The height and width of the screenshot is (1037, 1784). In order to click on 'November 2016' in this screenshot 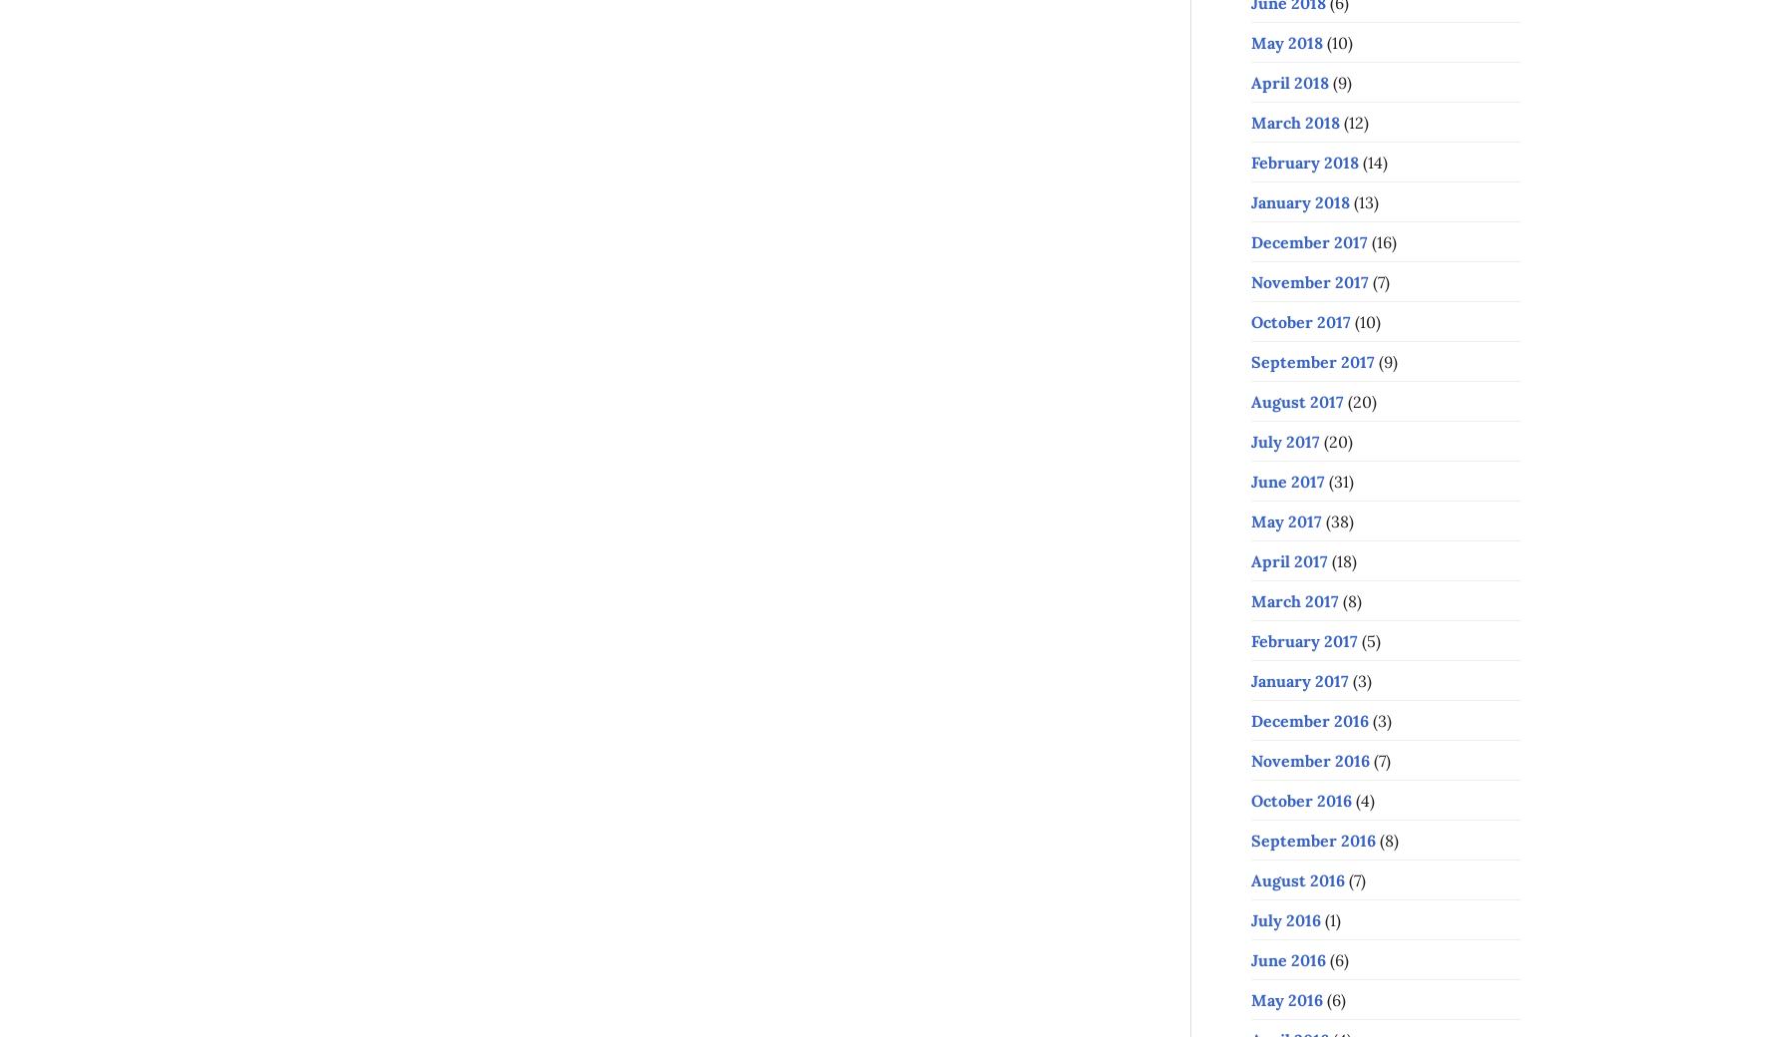, I will do `click(1309, 760)`.